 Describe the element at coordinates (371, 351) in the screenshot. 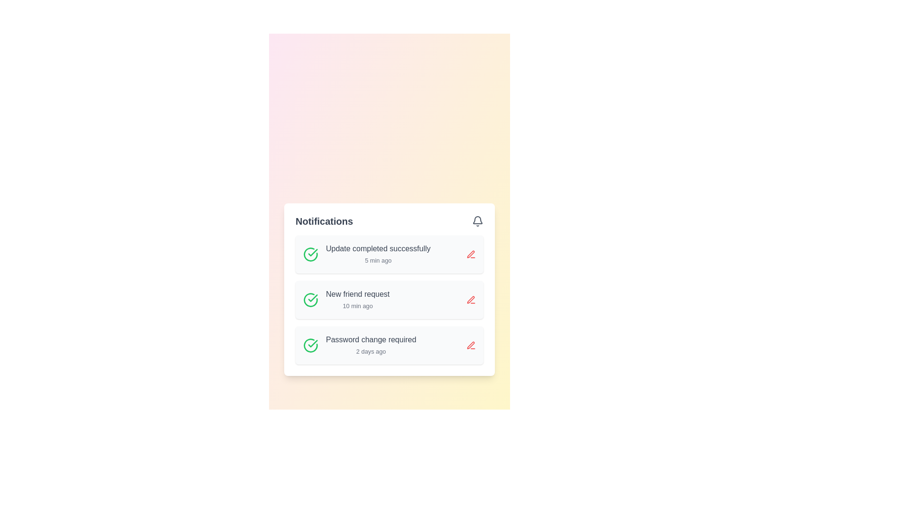

I see `the Text label that displays the elapsed time since the 'Password change required' notification, which is positioned below the main label` at that location.